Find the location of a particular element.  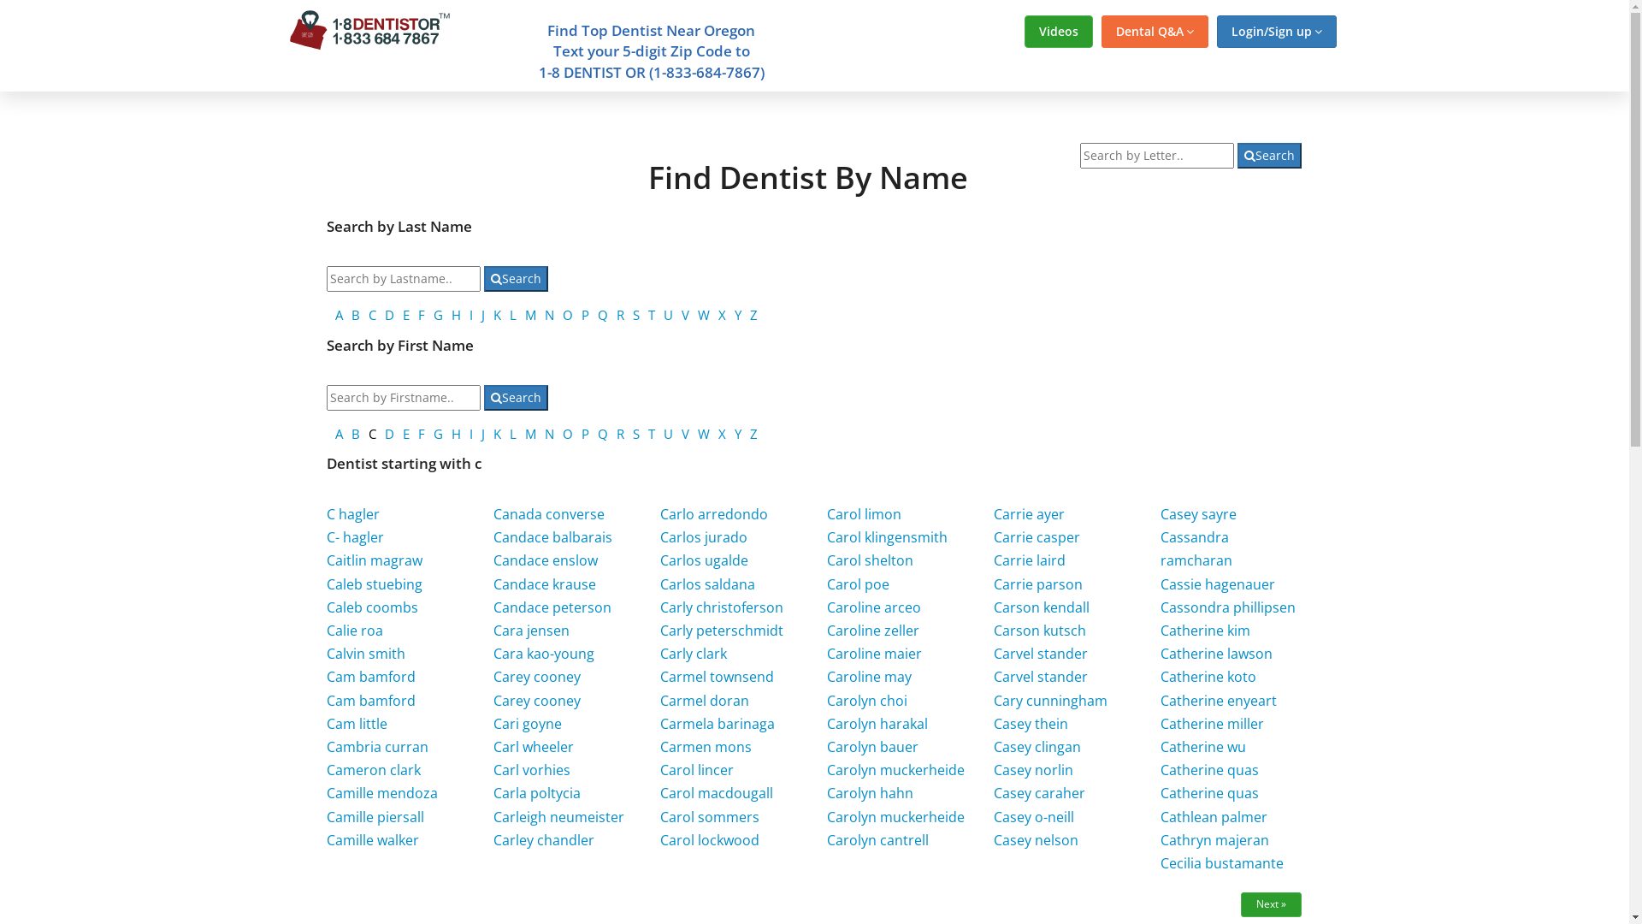

'Z' is located at coordinates (750, 314).